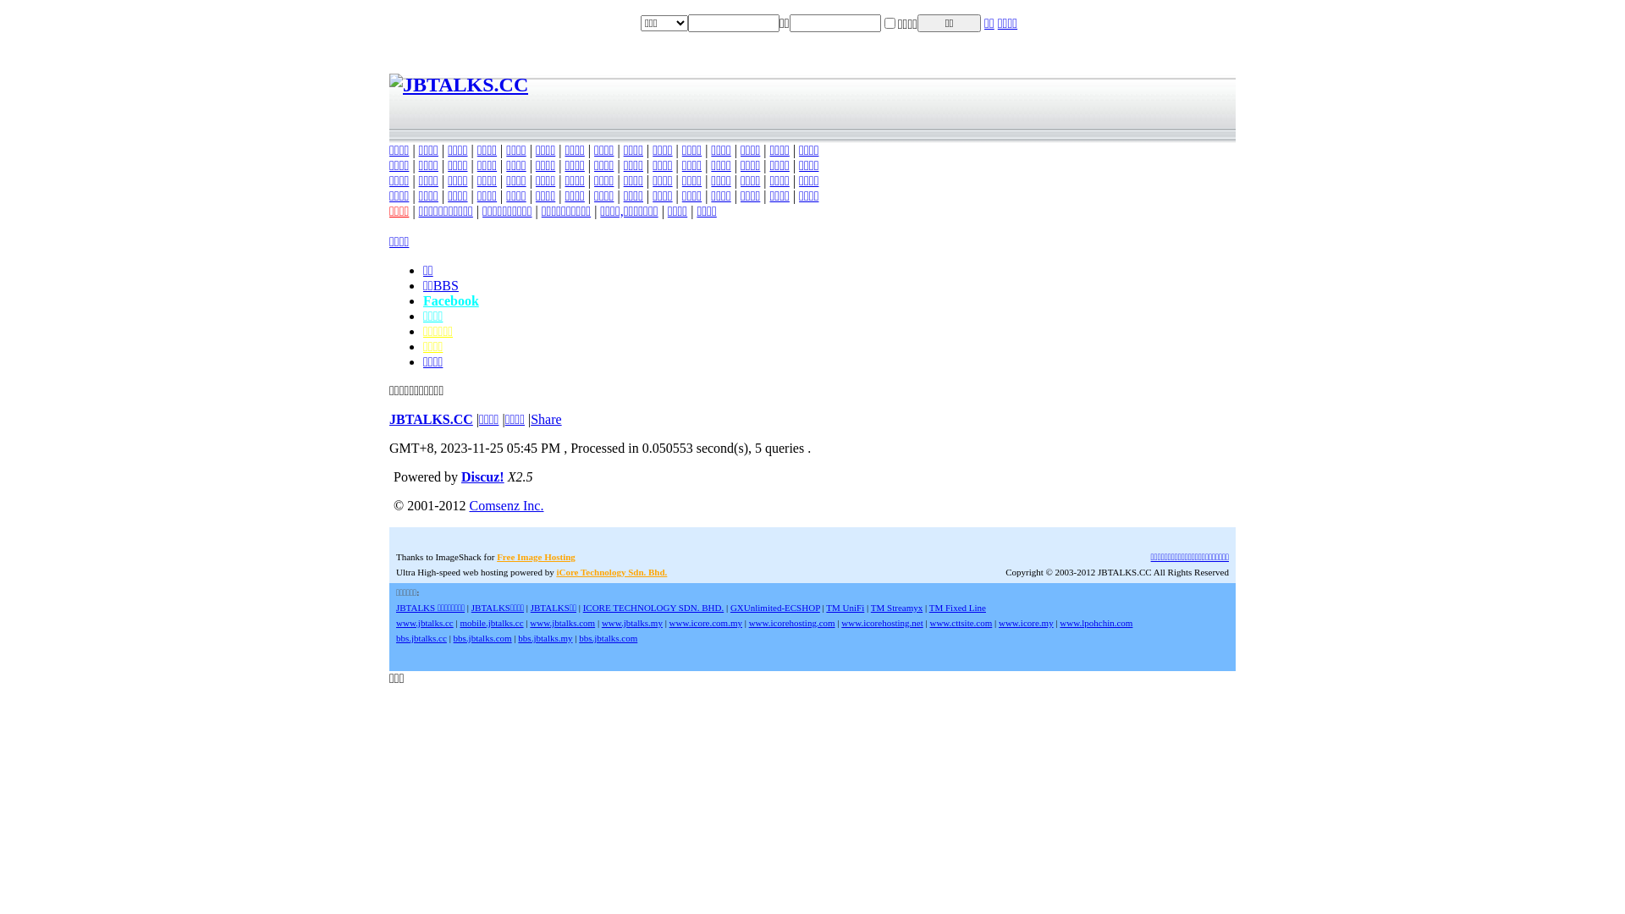  Describe the element at coordinates (482, 476) in the screenshot. I see `'Discuz!'` at that location.